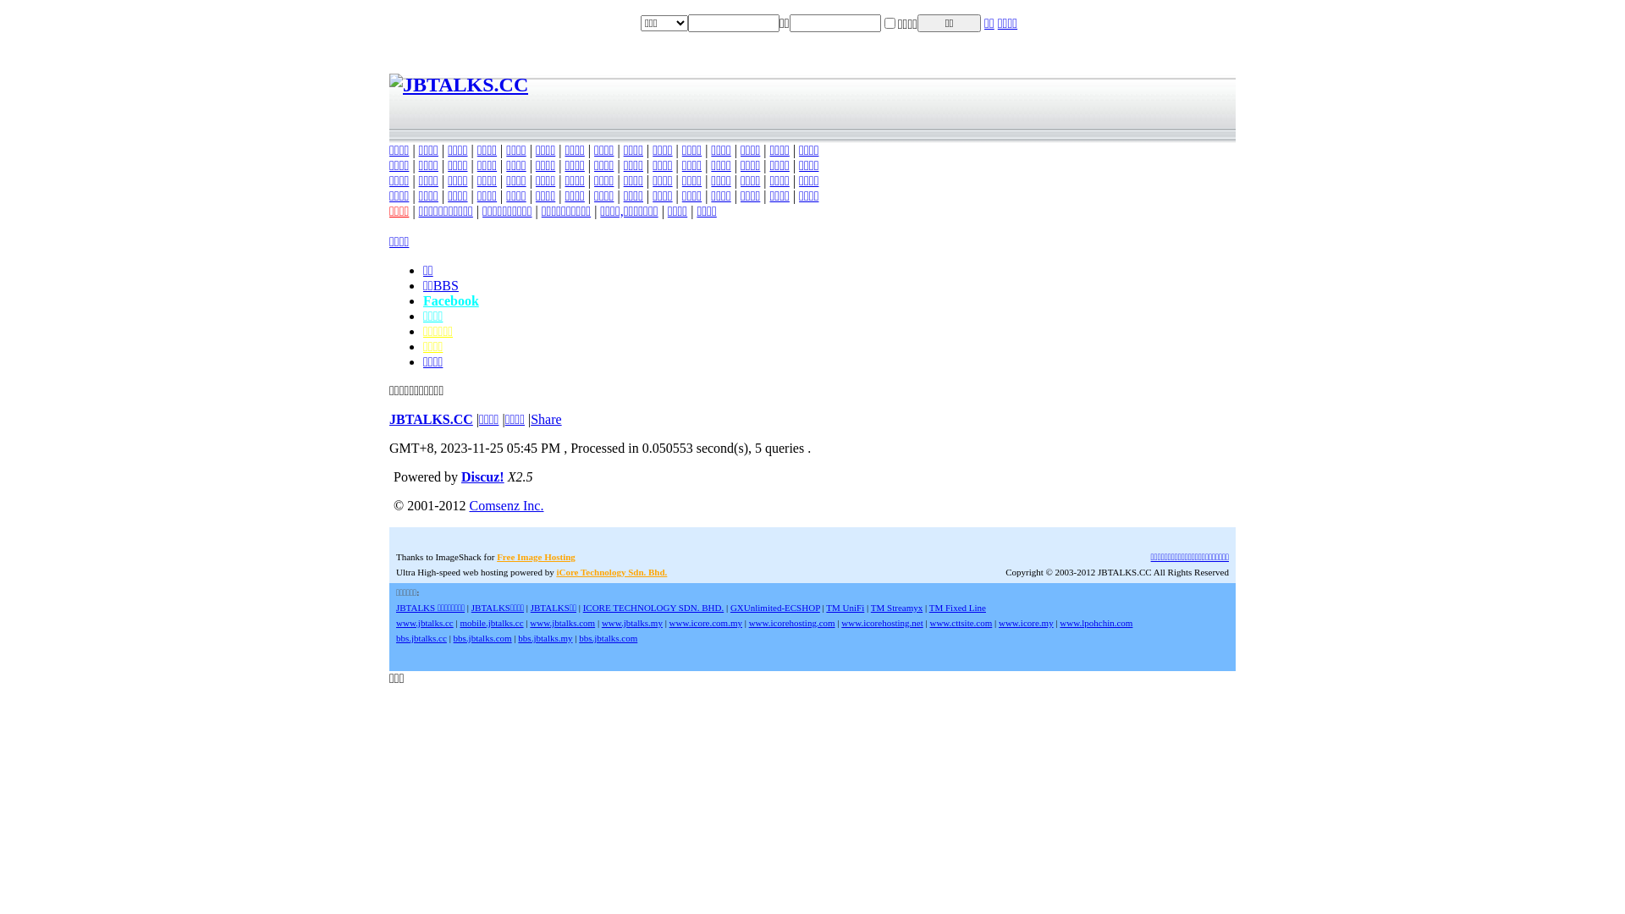  Describe the element at coordinates (482, 476) in the screenshot. I see `'Discuz!'` at that location.